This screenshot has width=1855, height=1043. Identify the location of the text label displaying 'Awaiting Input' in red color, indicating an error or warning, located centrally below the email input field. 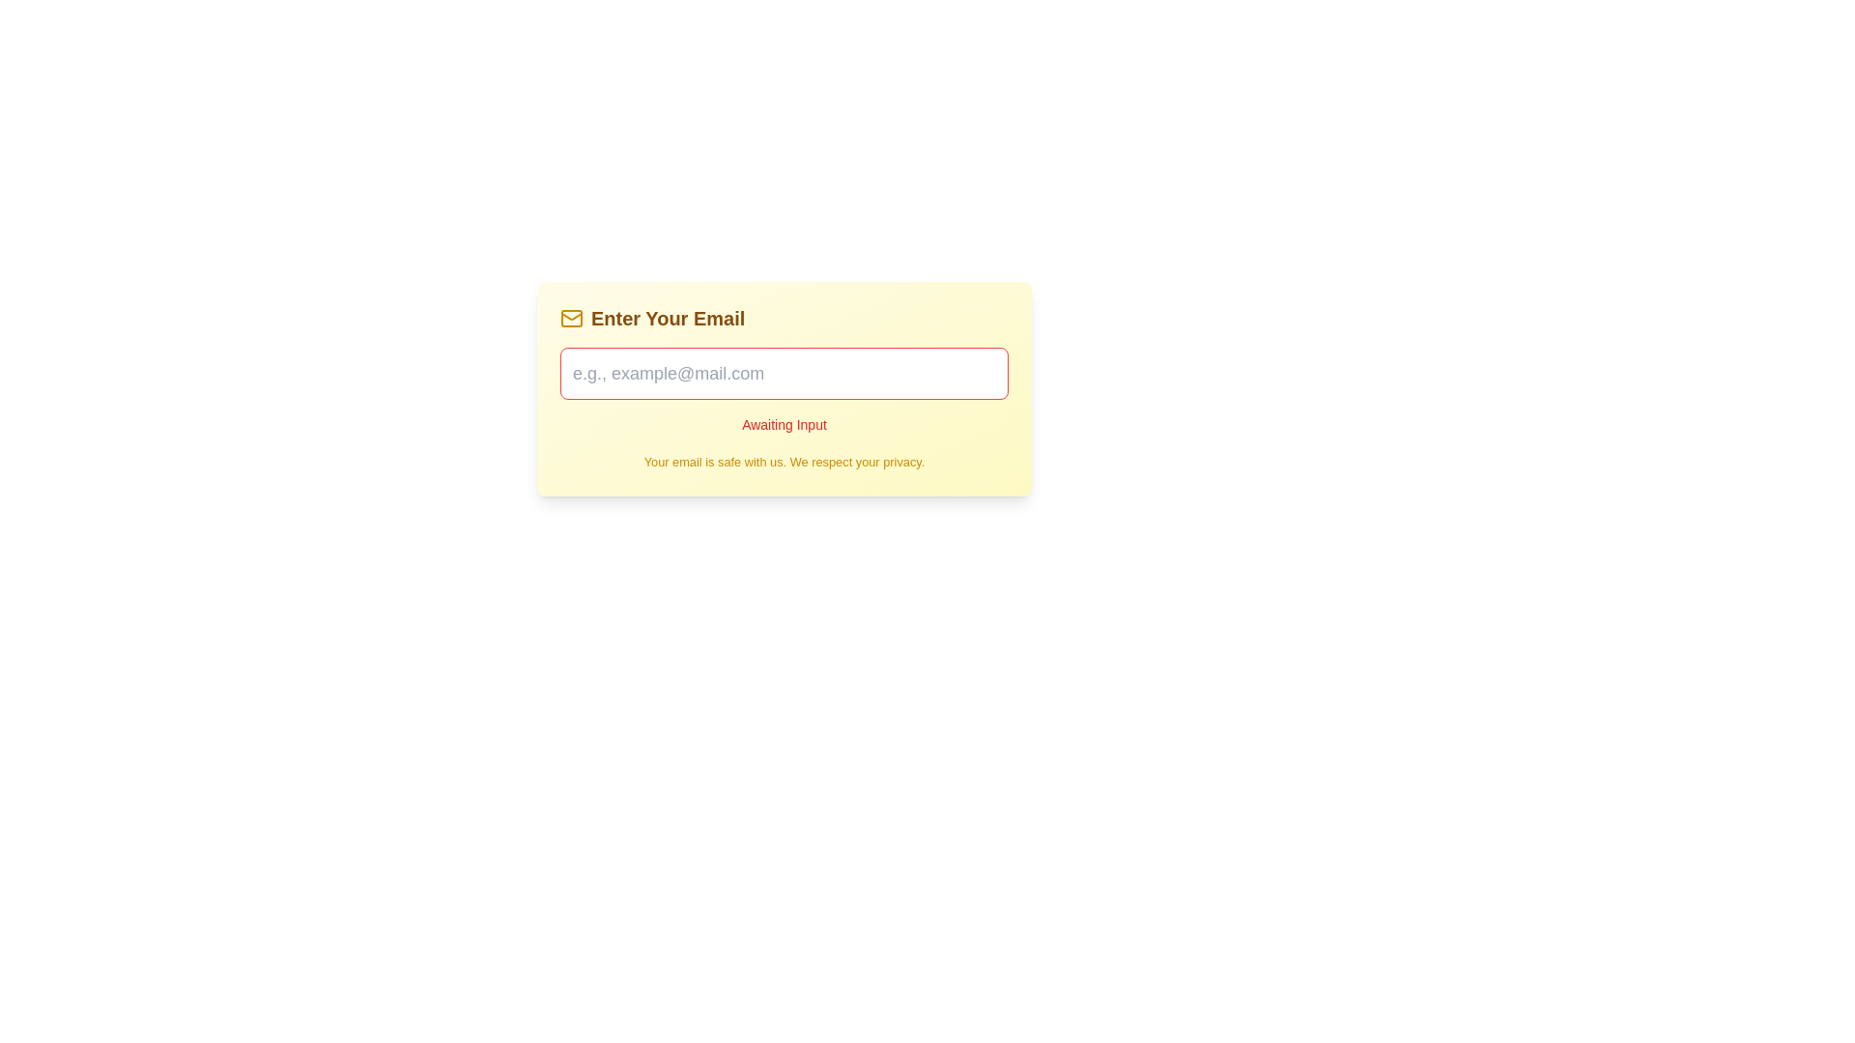
(784, 391).